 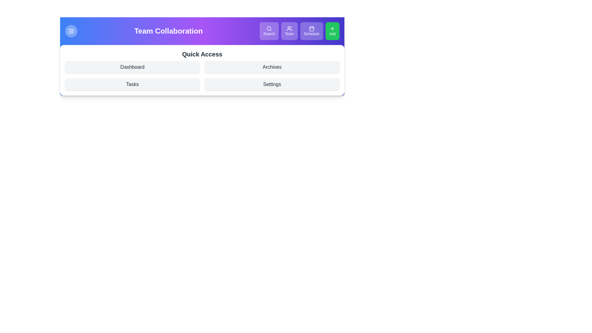 I want to click on the Quick Access link Dashboard, so click(x=132, y=67).